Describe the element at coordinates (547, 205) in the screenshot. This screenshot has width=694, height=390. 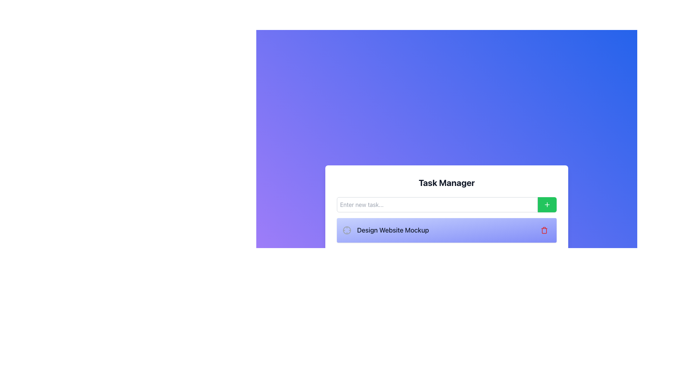
I see `the SVG icon that indicates the action of adding a new task, which is located within a green rectangular button in the header of the task manager interface` at that location.